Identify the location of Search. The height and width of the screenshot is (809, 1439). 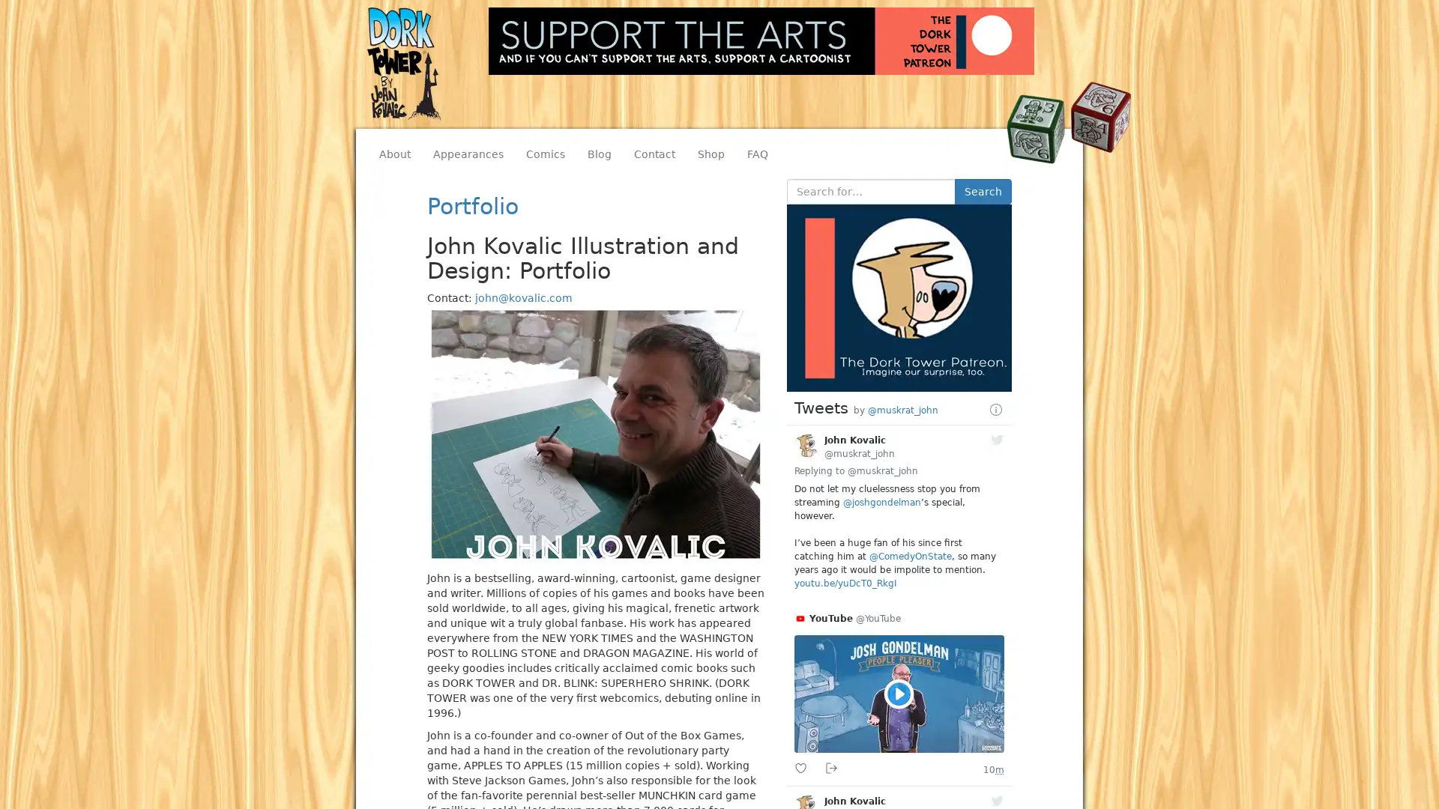
(983, 190).